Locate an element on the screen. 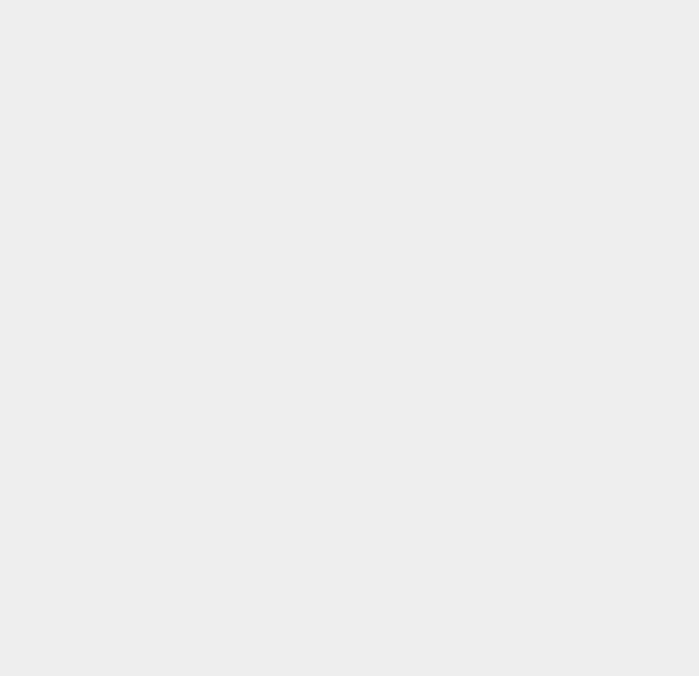 Image resolution: width=699 pixels, height=676 pixels. 'Downgrade' is located at coordinates (517, 344).